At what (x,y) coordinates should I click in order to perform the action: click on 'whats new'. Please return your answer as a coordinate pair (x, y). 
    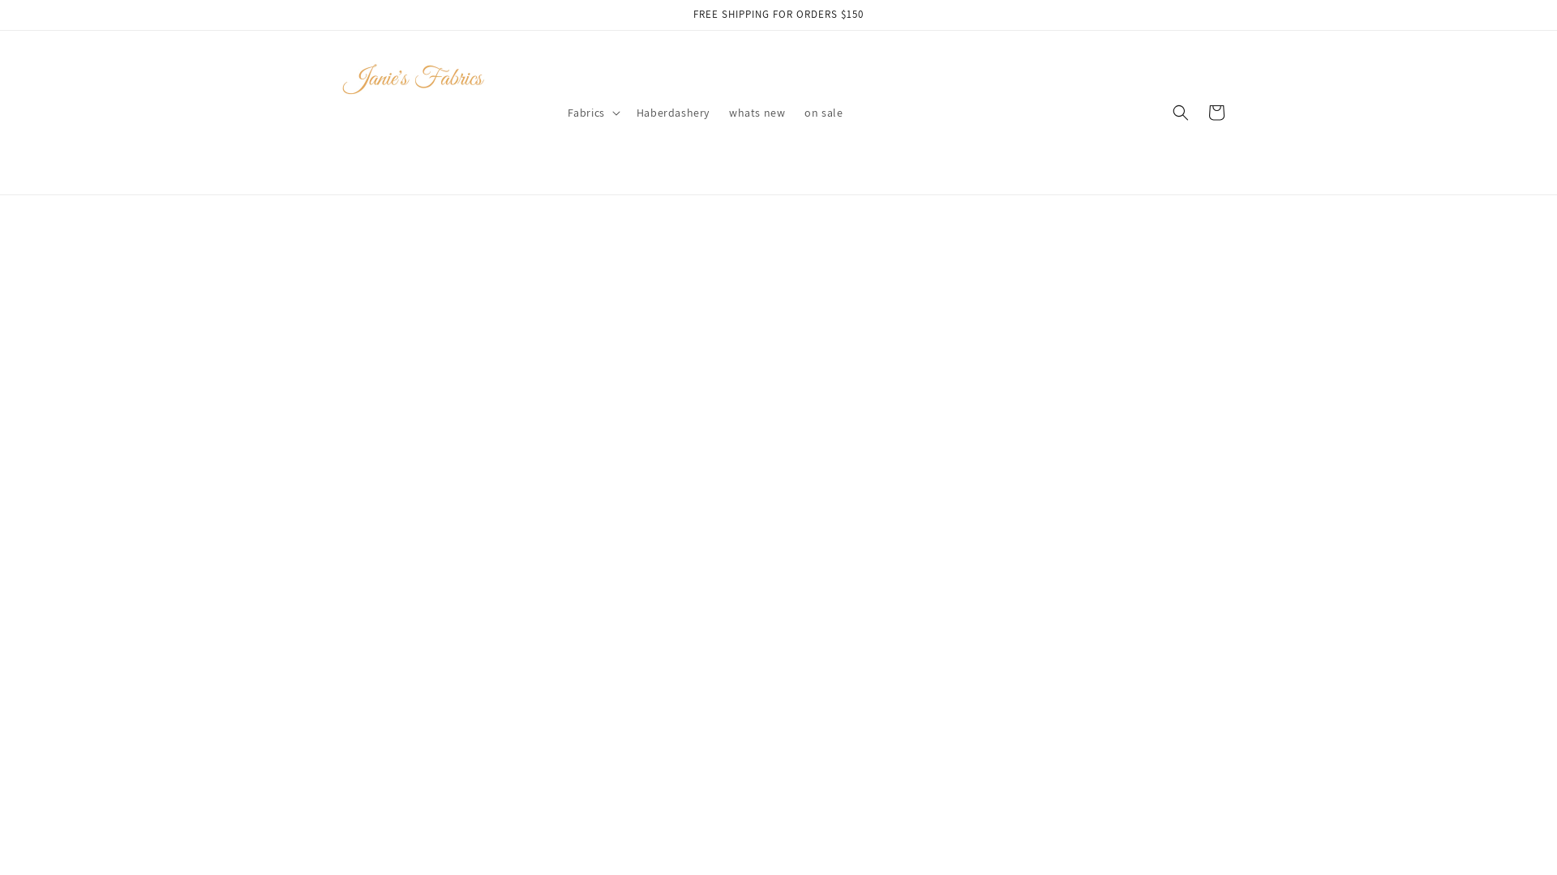
    Looking at the image, I should click on (756, 111).